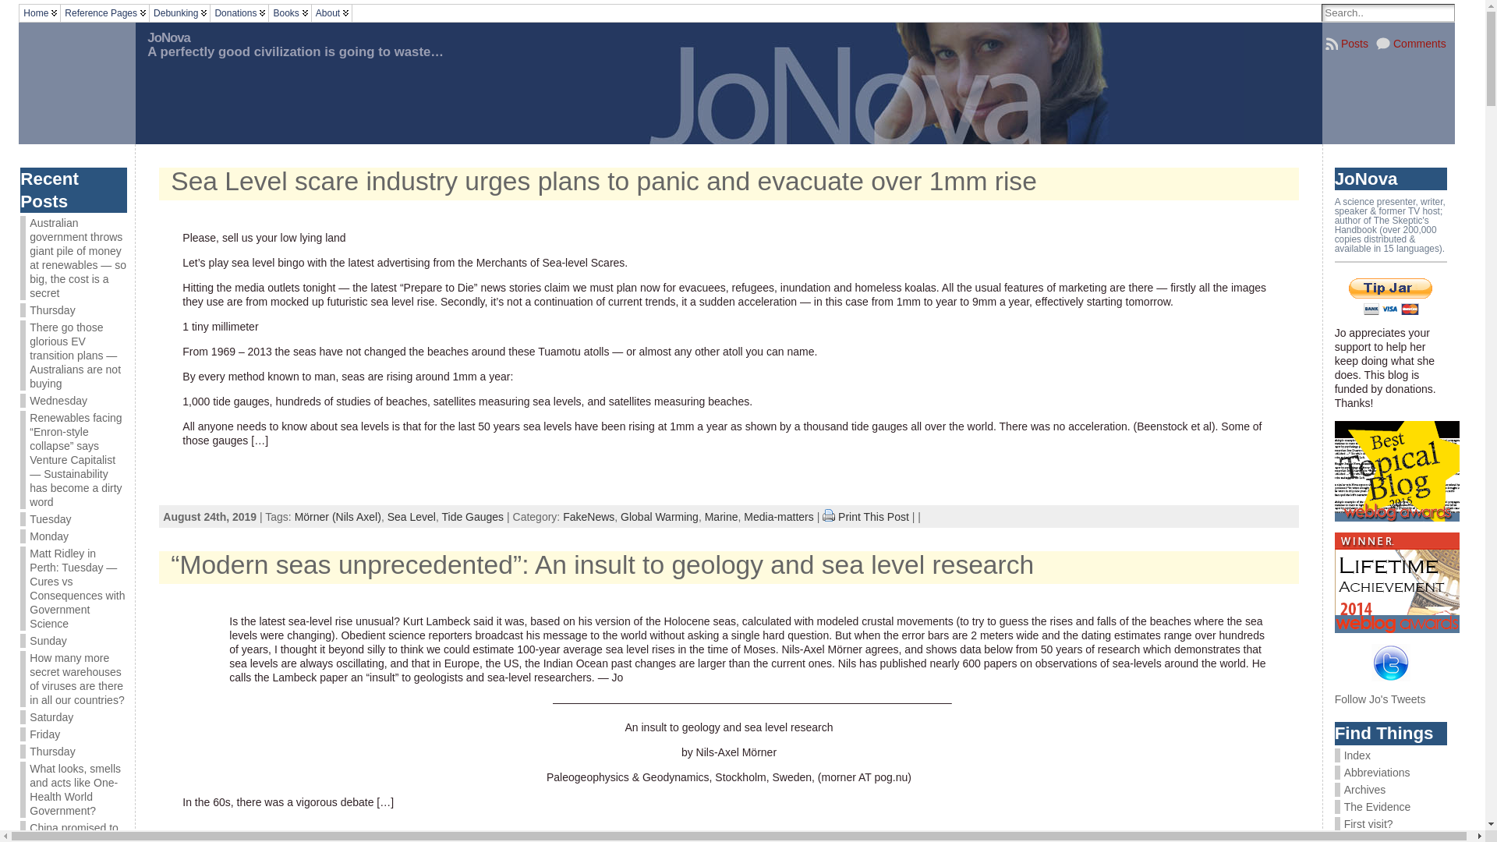  What do you see at coordinates (837, 517) in the screenshot?
I see `'Print This Post'` at bounding box center [837, 517].